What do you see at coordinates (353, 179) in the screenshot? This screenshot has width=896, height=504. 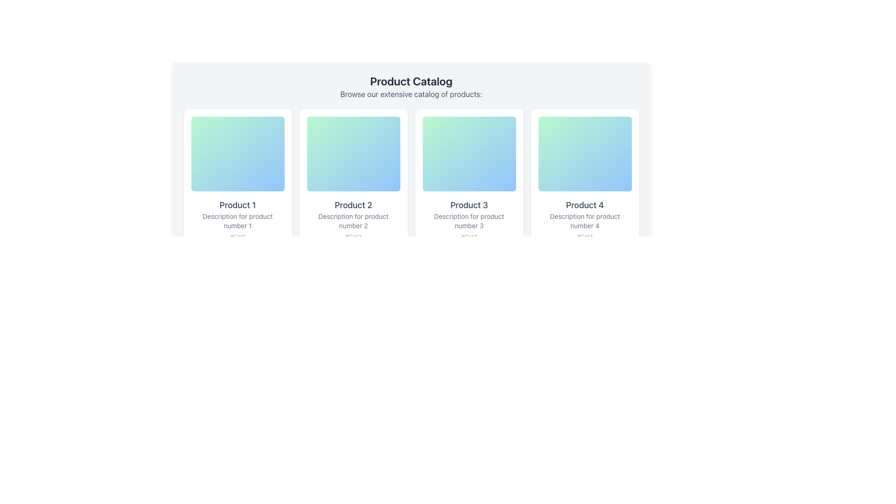 I see `the second product card in the grid` at bounding box center [353, 179].